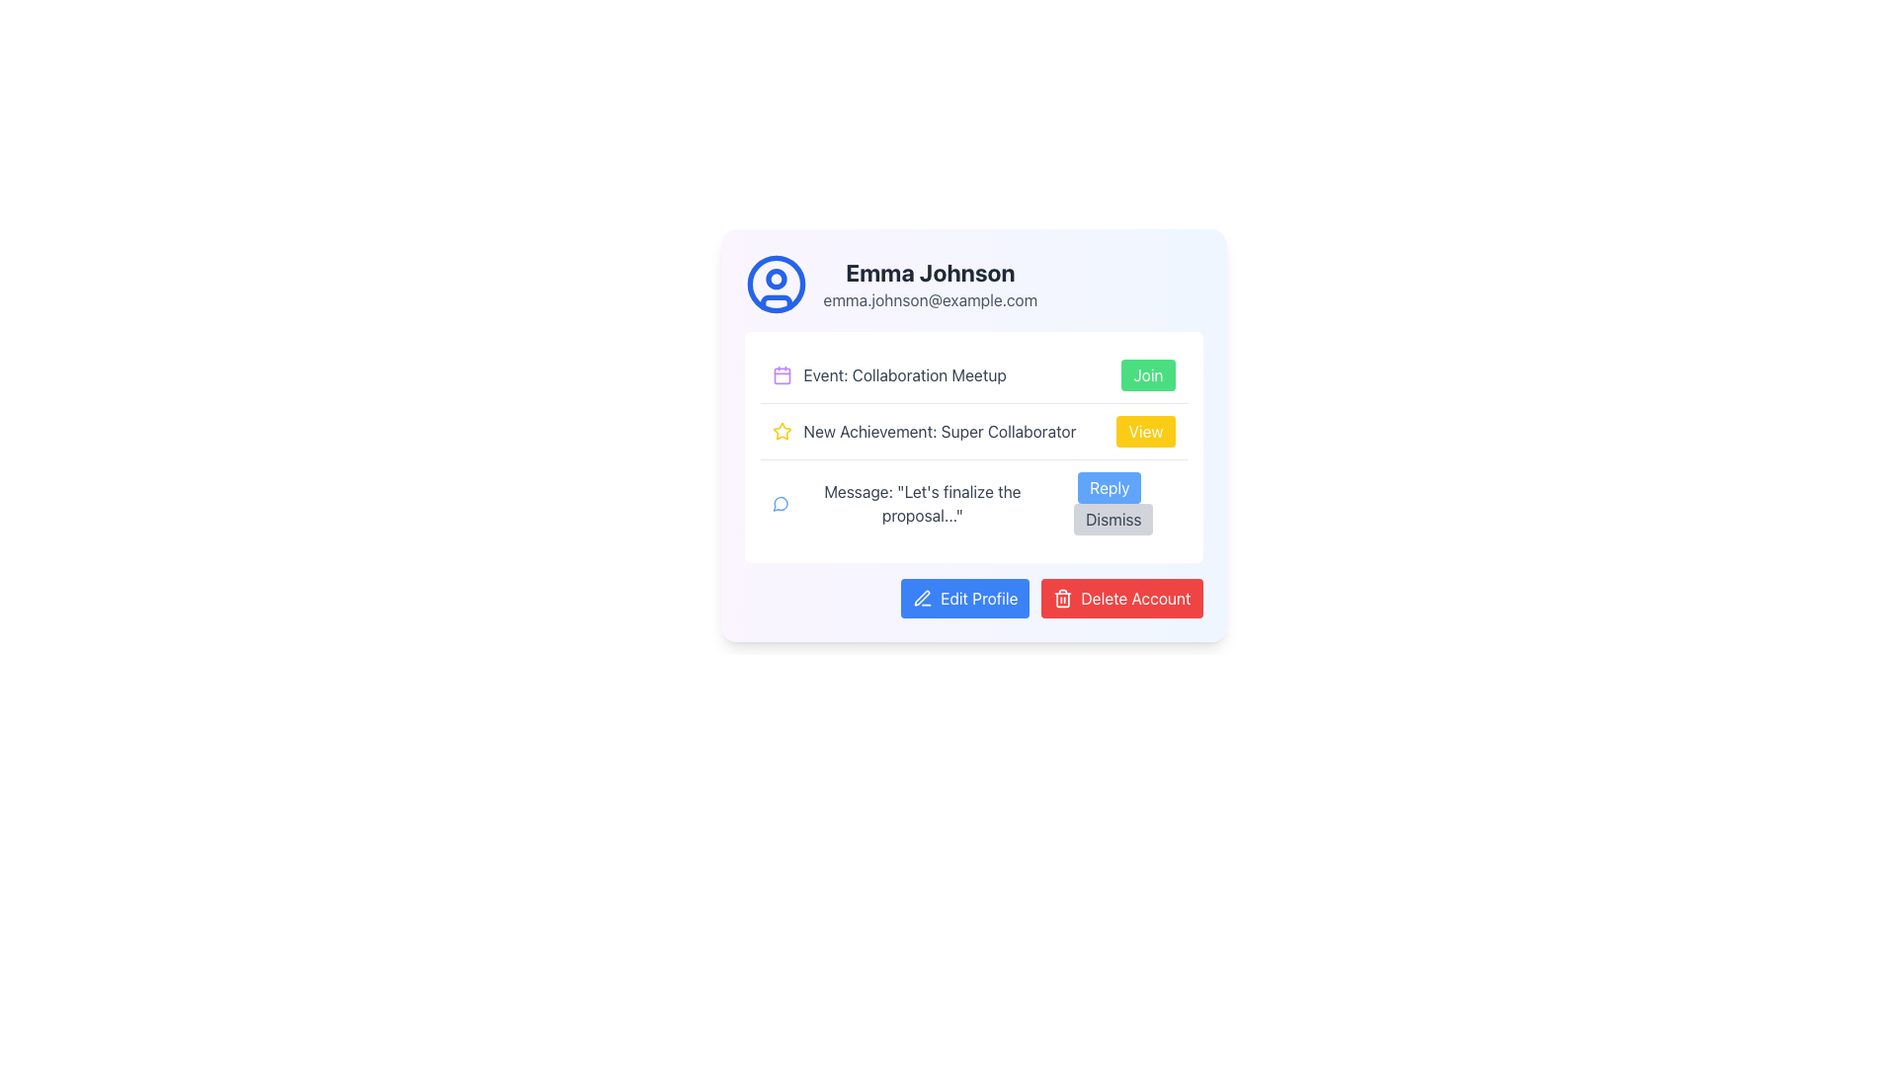  What do you see at coordinates (1062, 597) in the screenshot?
I see `the trashcan-shaped icon representing the 'Delete' functionality, which is located to the left of the 'Delete Account' button in the lower-right corner of the card component` at bounding box center [1062, 597].